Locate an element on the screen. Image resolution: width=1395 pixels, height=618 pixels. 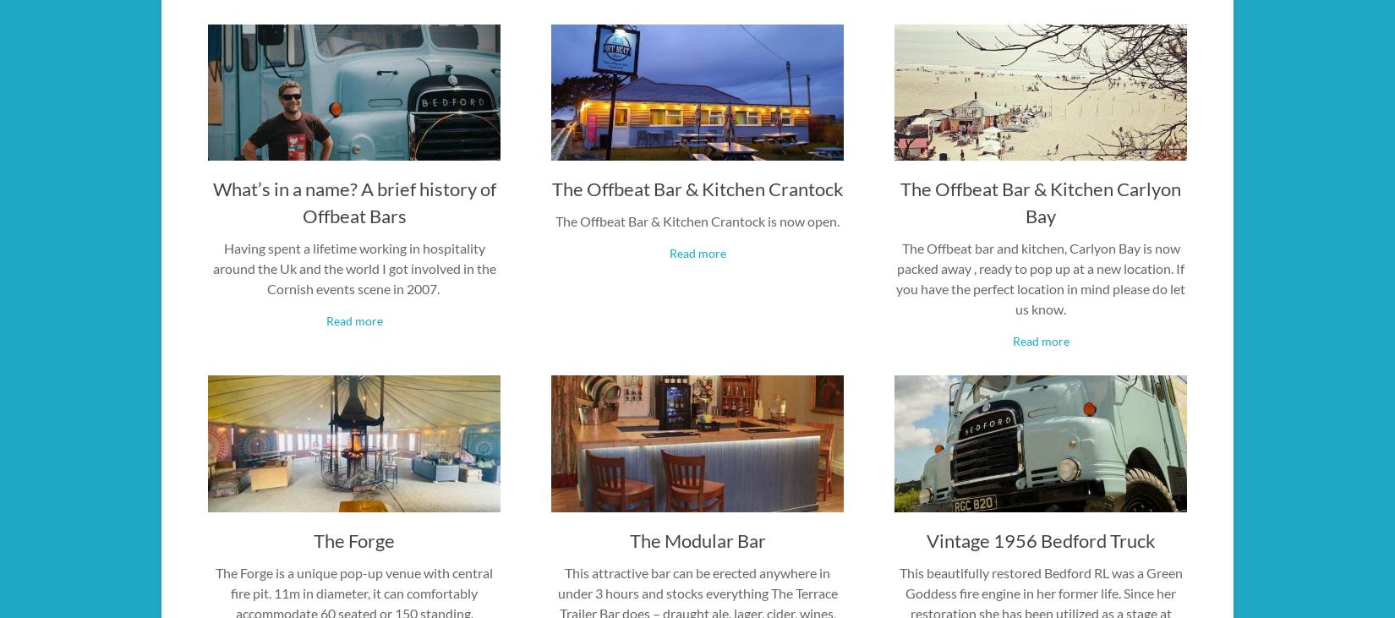
'What’s in a name? A brief history of Offbeat Bars' is located at coordinates (353, 202).